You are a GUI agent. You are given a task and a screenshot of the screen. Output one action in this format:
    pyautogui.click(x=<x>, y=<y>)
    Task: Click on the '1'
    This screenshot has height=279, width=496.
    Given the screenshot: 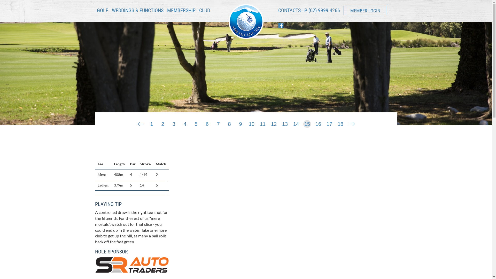 What is the action you would take?
    pyautogui.click(x=151, y=123)
    